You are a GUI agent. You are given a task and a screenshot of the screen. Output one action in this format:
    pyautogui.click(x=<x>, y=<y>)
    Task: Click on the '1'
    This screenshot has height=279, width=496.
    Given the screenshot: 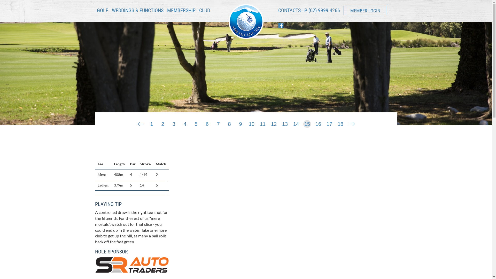 What is the action you would take?
    pyautogui.click(x=151, y=123)
    